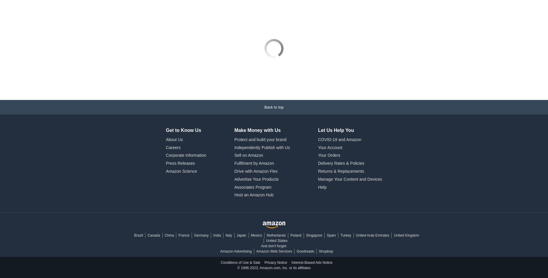 This screenshot has height=278, width=548. What do you see at coordinates (296, 218) in the screenshot?
I see `'Goodreads'` at bounding box center [296, 218].